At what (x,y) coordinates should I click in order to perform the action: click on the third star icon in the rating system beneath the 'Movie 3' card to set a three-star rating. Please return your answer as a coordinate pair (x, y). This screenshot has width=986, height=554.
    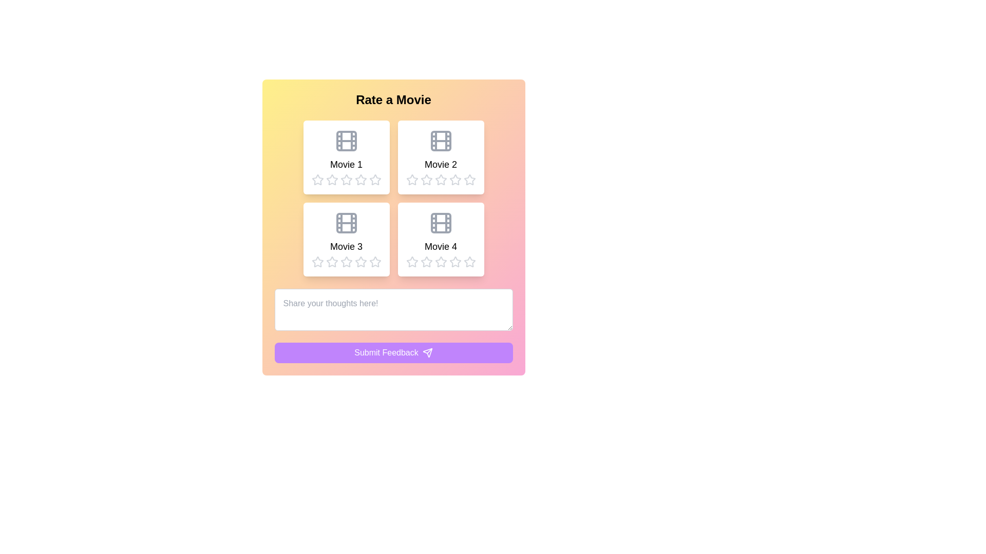
    Looking at the image, I should click on (361, 261).